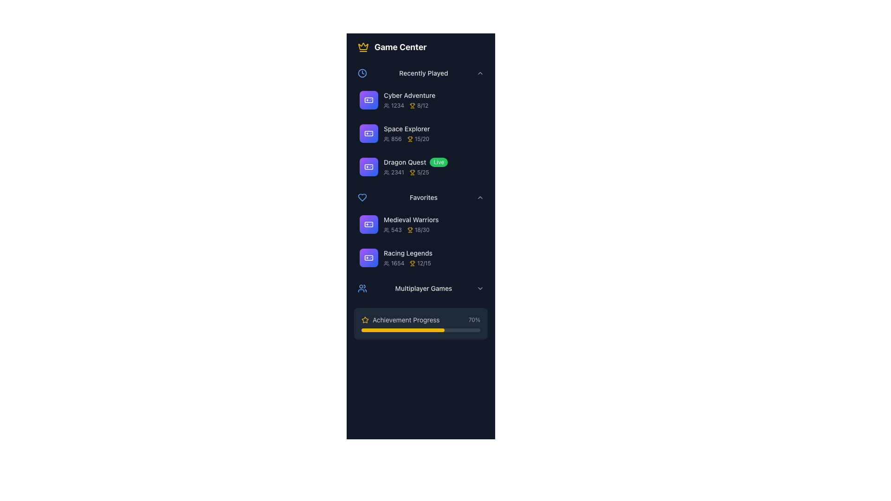 This screenshot has width=891, height=501. I want to click on the interactive elements adjacent to the game statistics display under 'Medieval Warriors' in the 'Favorites' category, so click(432, 230).